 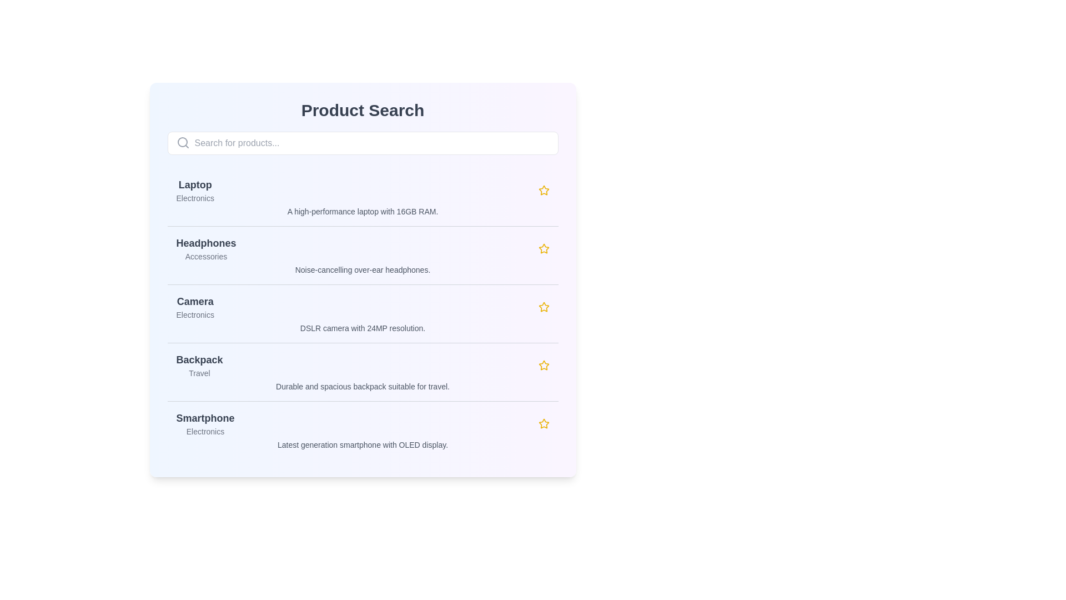 What do you see at coordinates (195, 190) in the screenshot?
I see `information from the Text label element that contains 'Laptop' in large, bold, dark gray font and 'Electronics' in smaller, lighter gray text, located in the top-left quadrant of the interface beneath the search bar` at bounding box center [195, 190].